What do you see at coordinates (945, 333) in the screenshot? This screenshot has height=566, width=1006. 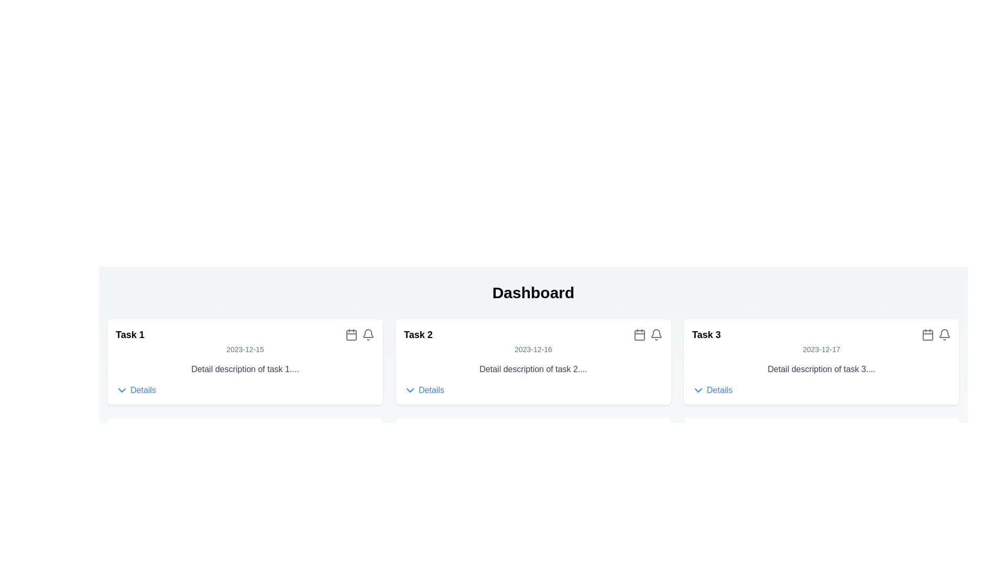 I see `the notification icon located in the top-right corner of the 'Task 3' card, next to the calendar icon` at bounding box center [945, 333].